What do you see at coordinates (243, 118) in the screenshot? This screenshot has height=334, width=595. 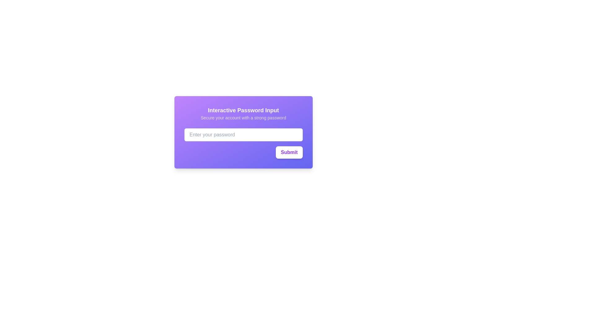 I see `the instructional text label that reads 'Secure your account with a strong password', which is positioned below the title 'Interactive Password Input' and above a password input field, centered within a gradient purple background` at bounding box center [243, 118].